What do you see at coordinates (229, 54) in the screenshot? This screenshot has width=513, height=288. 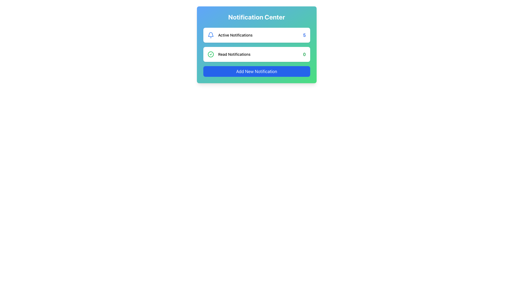 I see `text label indicating the count of read notifications, which is located below the 'Active Notifications' entry and above the 'Add New Notification' button` at bounding box center [229, 54].